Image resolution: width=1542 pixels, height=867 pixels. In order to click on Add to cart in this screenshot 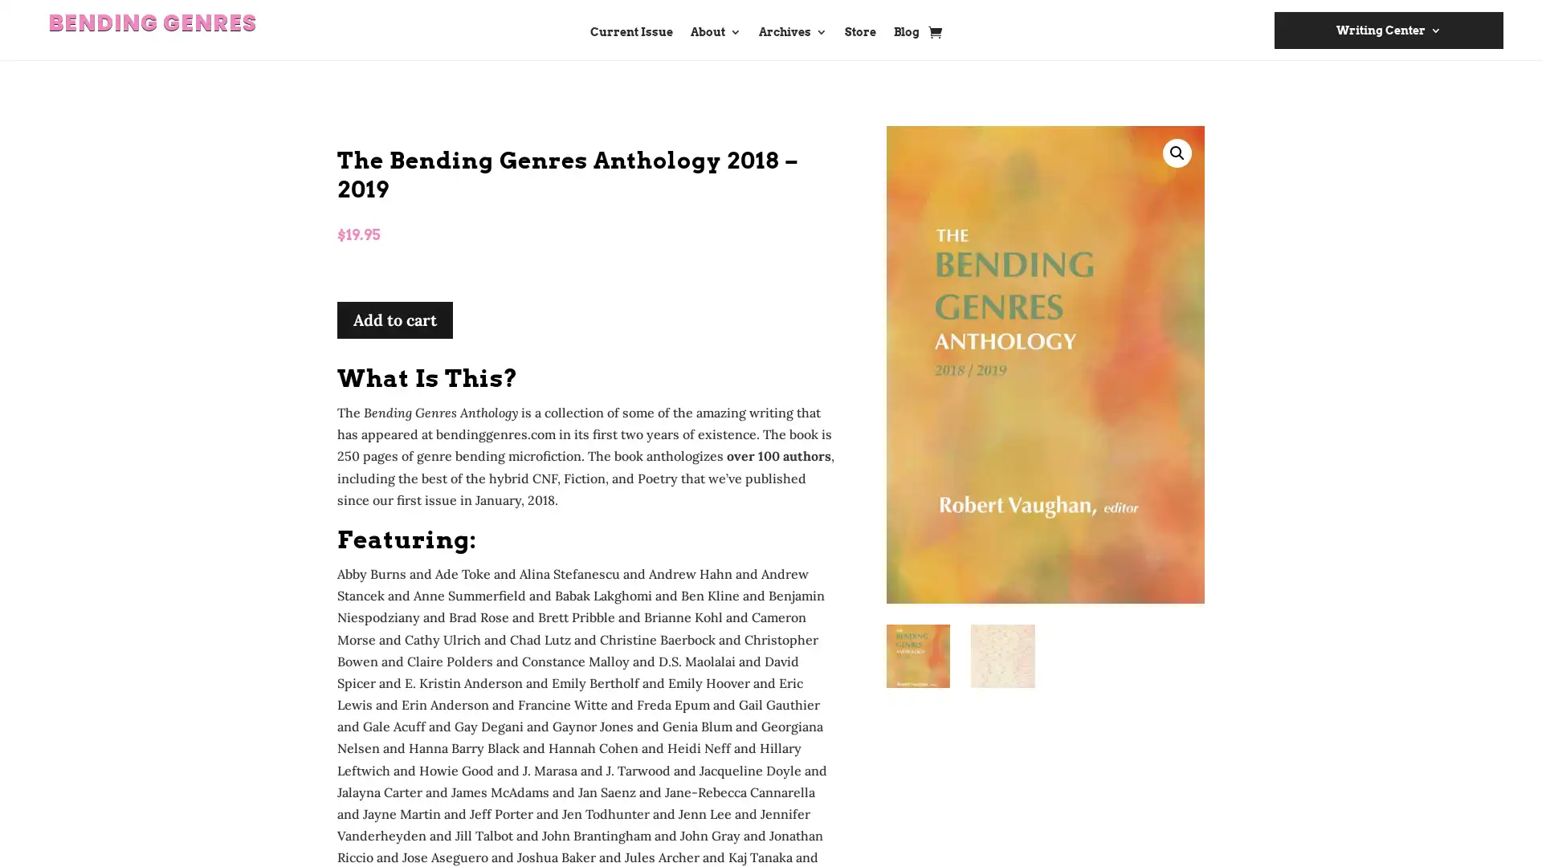, I will do `click(394, 320)`.